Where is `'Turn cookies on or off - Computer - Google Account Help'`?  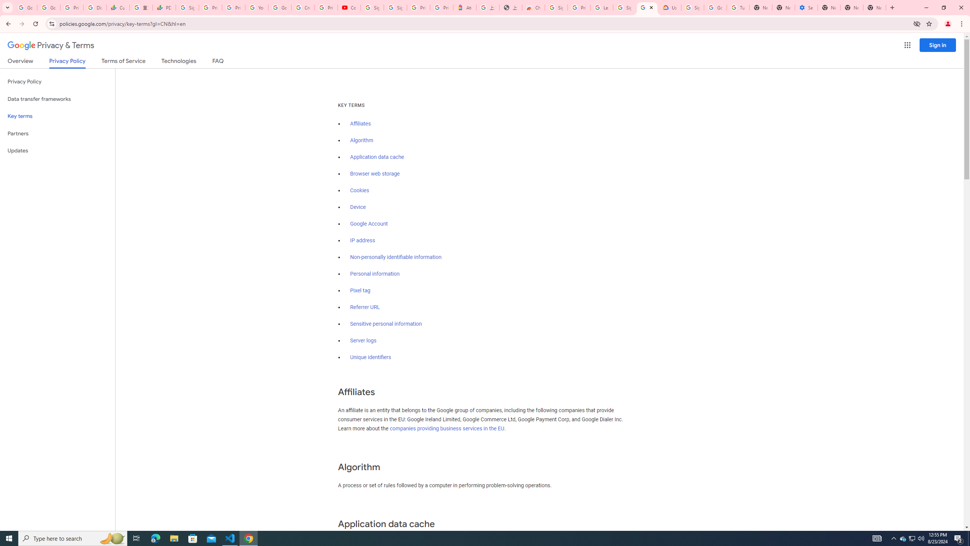 'Turn cookies on or off - Computer - Google Account Help' is located at coordinates (738, 7).